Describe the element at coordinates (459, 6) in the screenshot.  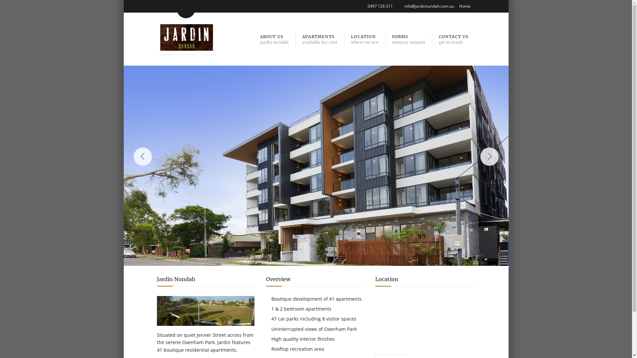
I see `'Home'` at that location.